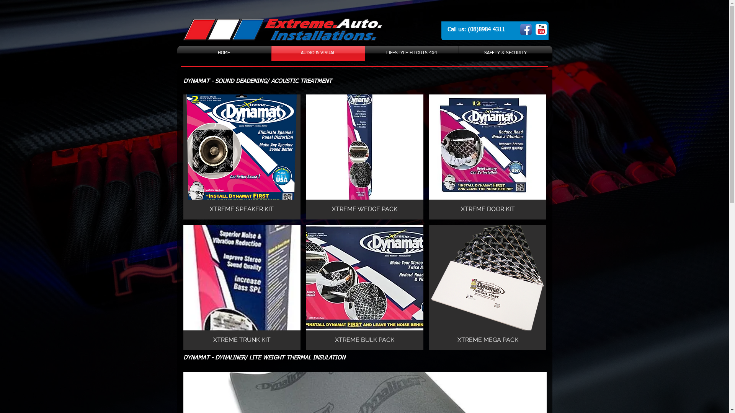  What do you see at coordinates (318, 53) in the screenshot?
I see `'AUDIO & VISUAL'` at bounding box center [318, 53].